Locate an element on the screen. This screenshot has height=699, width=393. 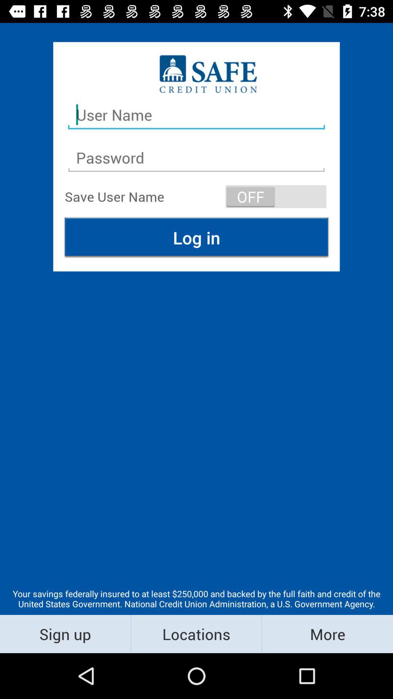
item to the right of the locations item is located at coordinates (327, 633).